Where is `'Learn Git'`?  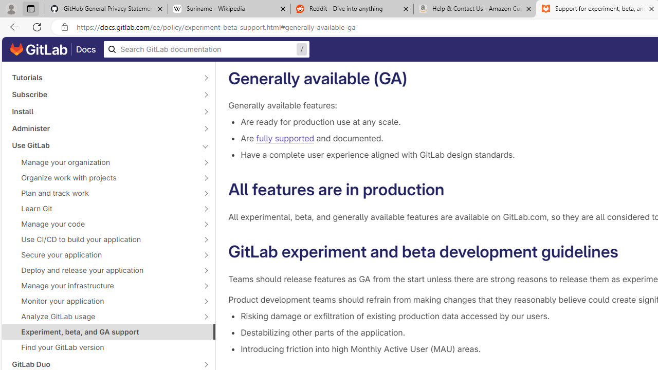 'Learn Git' is located at coordinates (103, 208).